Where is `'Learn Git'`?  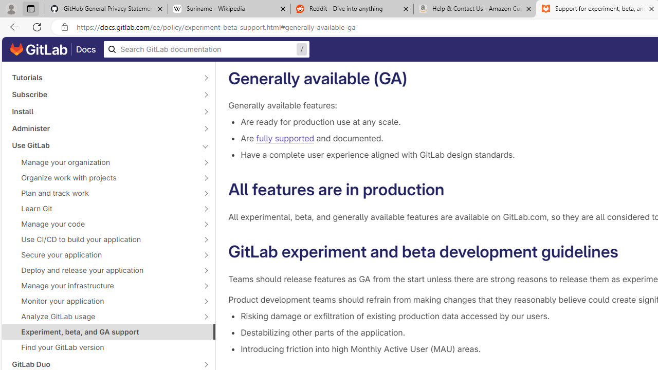 'Learn Git' is located at coordinates (103, 208).